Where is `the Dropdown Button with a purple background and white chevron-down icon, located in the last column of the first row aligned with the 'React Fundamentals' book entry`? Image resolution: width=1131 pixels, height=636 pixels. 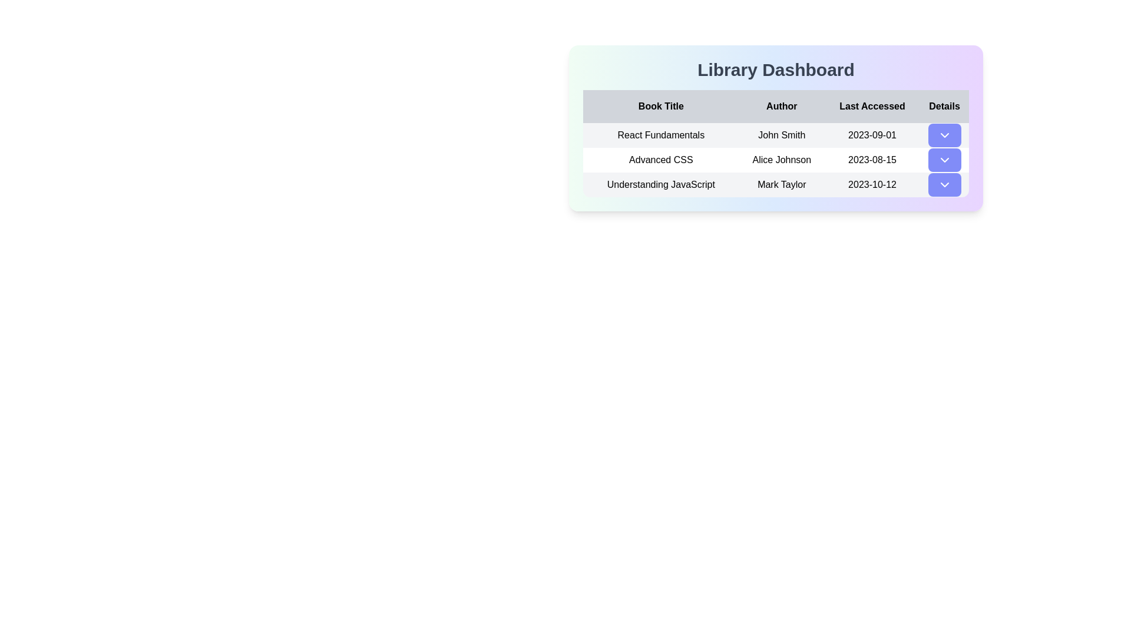 the Dropdown Button with a purple background and white chevron-down icon, located in the last column of the first row aligned with the 'React Fundamentals' book entry is located at coordinates (944, 135).